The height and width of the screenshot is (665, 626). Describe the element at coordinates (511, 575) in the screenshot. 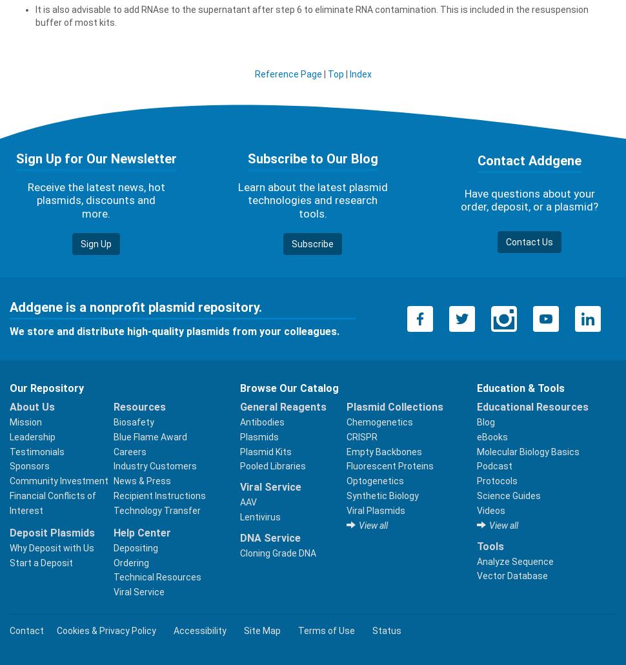

I see `'Vector Database'` at that location.